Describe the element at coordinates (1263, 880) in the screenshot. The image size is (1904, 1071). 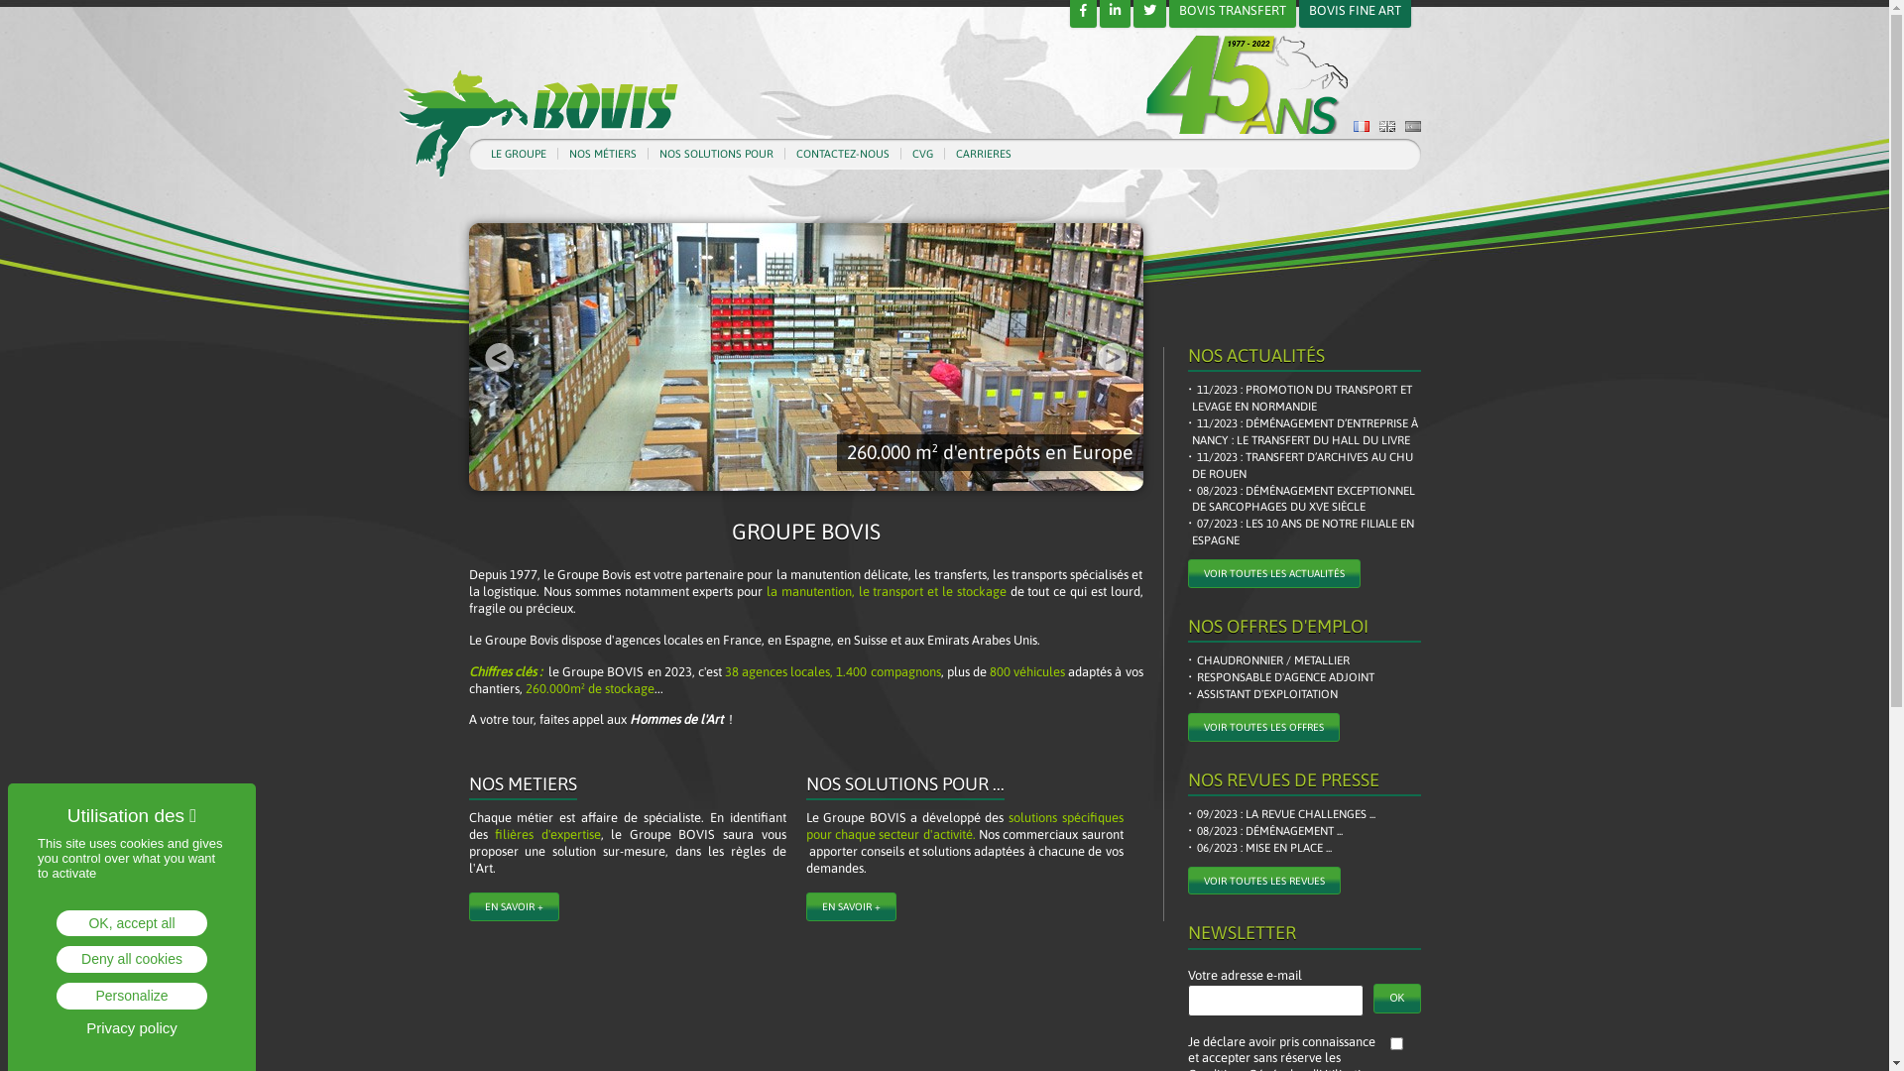
I see `'VOIR TOUTES LES REVUES'` at that location.